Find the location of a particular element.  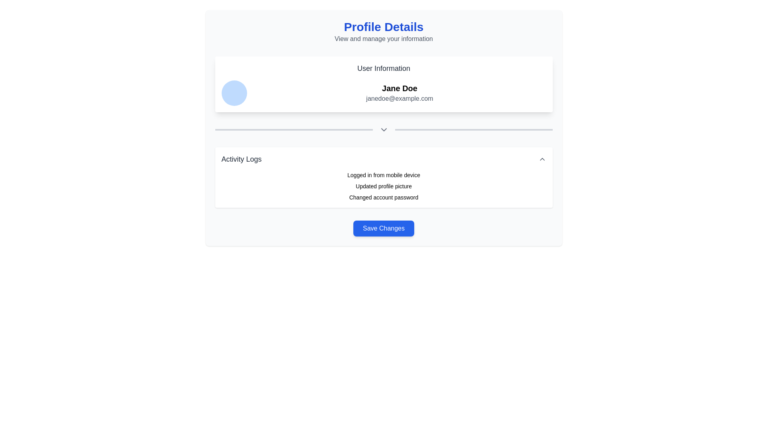

the text label or header that serves as a section header, located centrally at the top of the page, above the secondary text element is located at coordinates (384, 27).